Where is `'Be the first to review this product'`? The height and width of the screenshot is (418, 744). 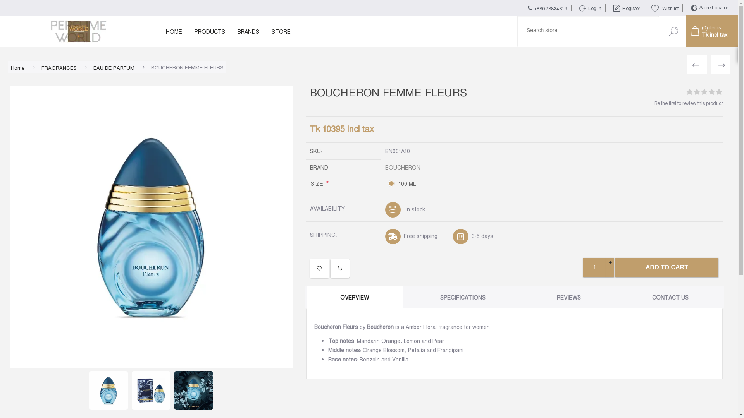 'Be the first to review this product' is located at coordinates (688, 103).